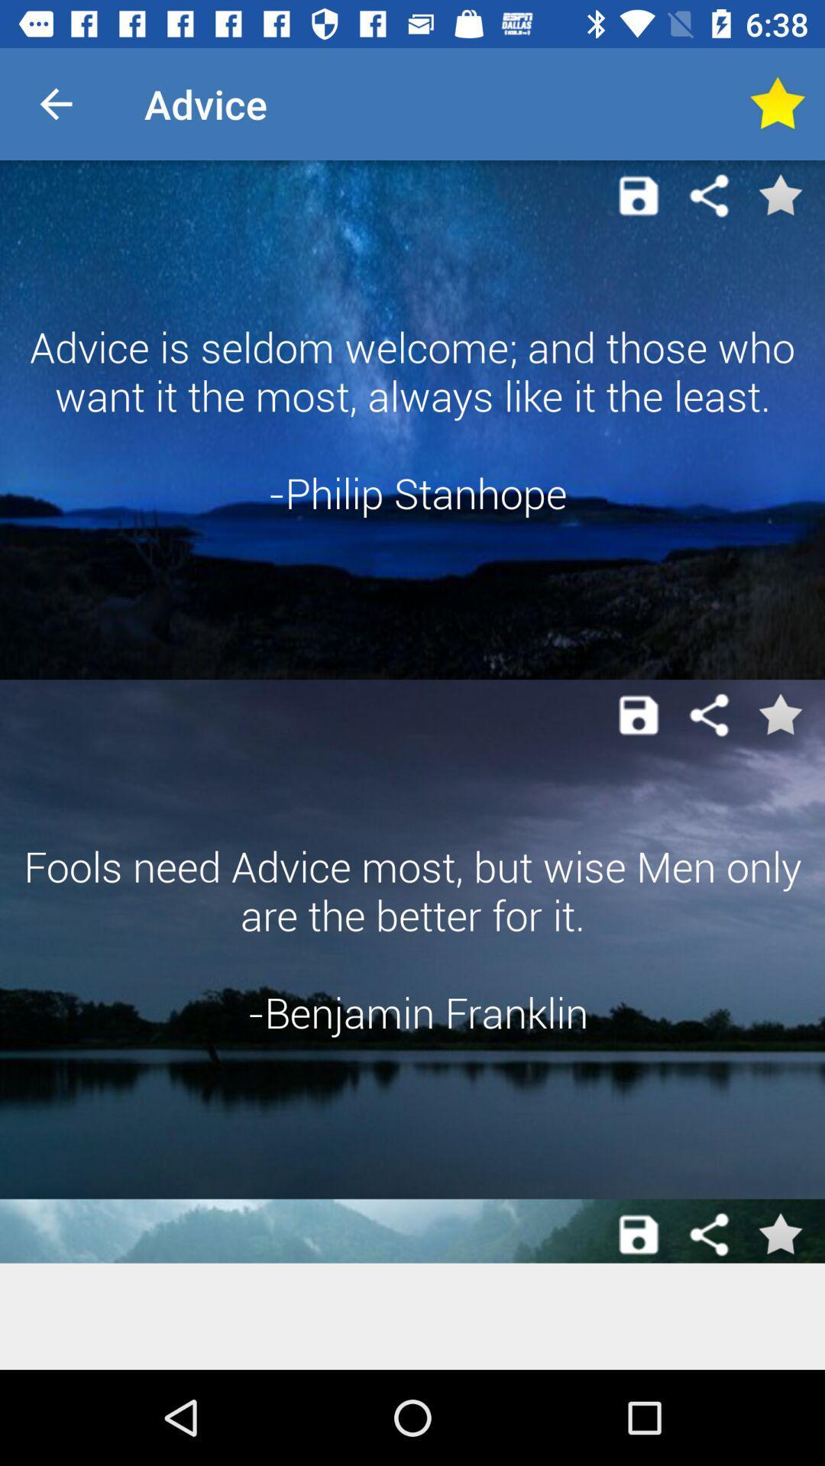 Image resolution: width=825 pixels, height=1466 pixels. I want to click on to favorite, so click(779, 1235).